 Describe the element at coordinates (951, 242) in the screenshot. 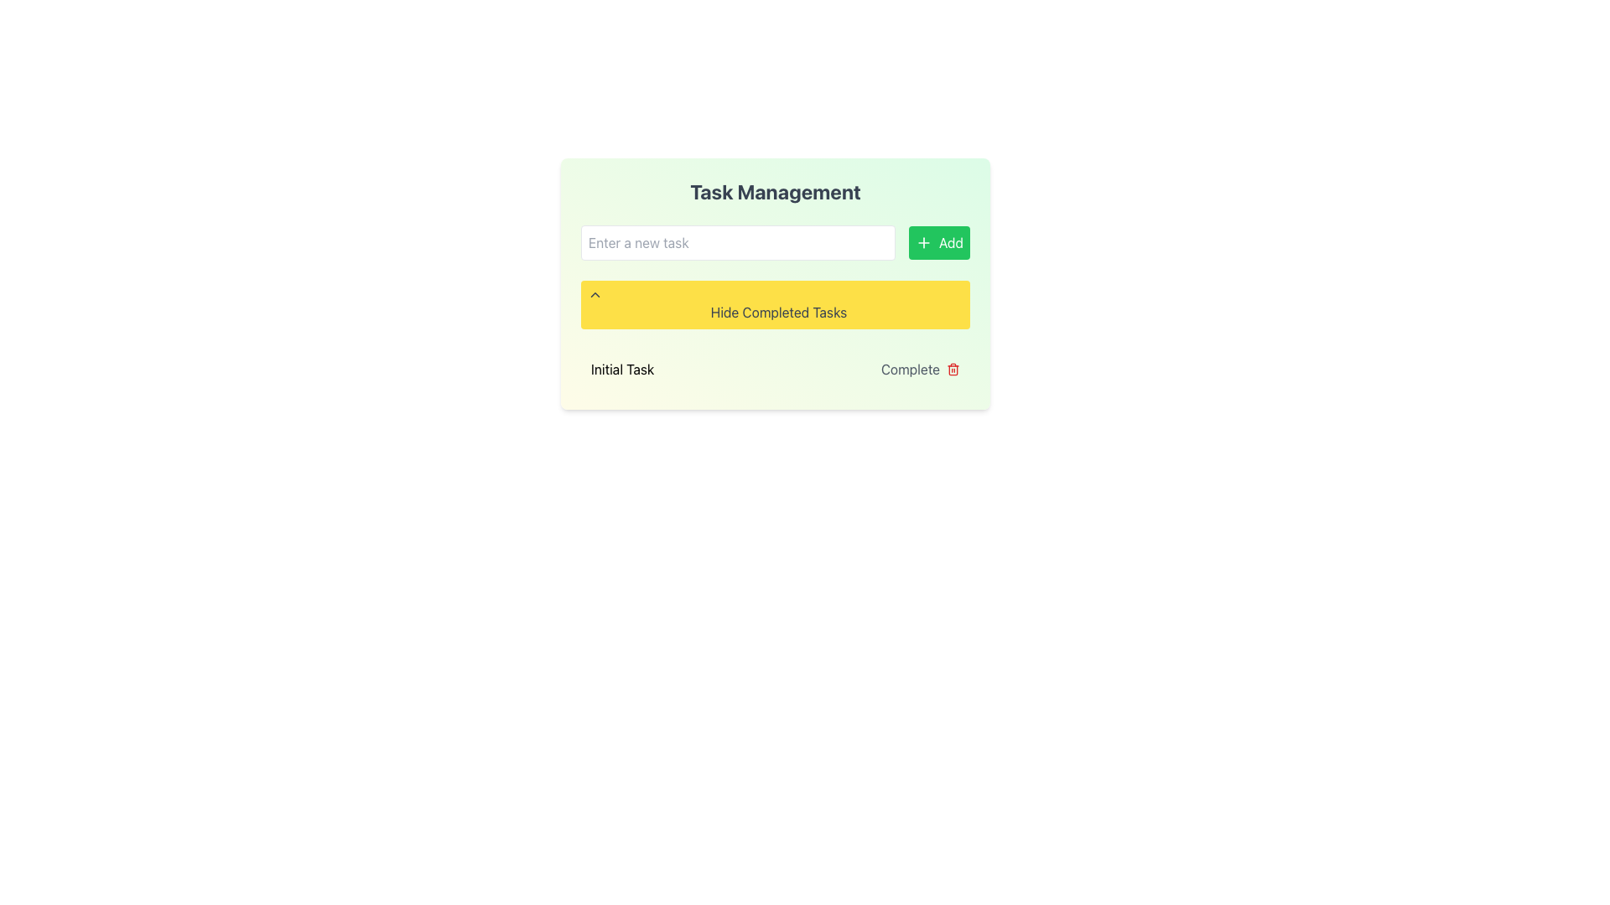

I see `the text label 'Add' which is styled with a white font on a green background` at that location.